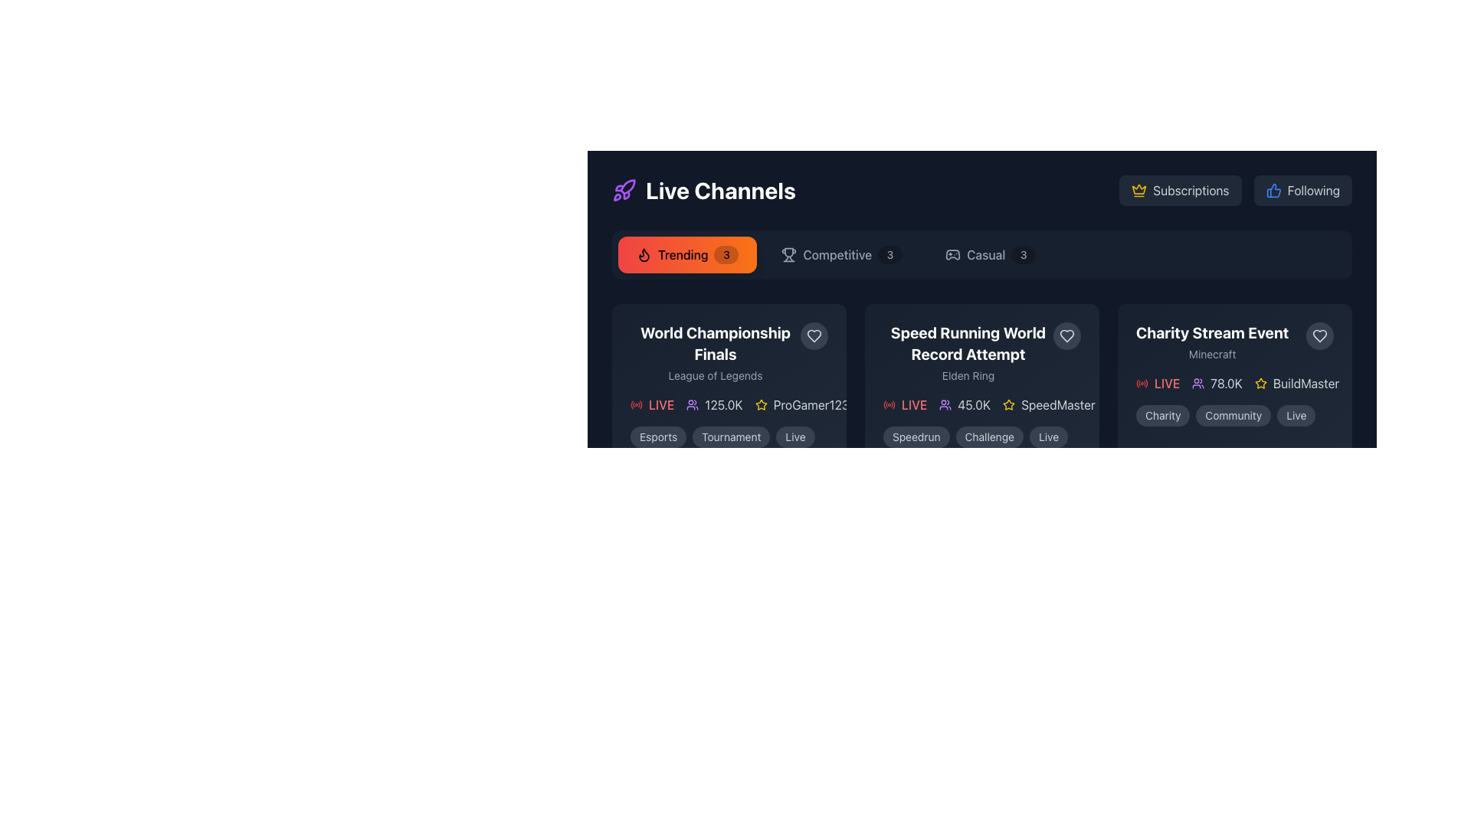  What do you see at coordinates (1047, 436) in the screenshot?
I see `the category tag indicator located at the bottom-right of the 'Speed Running World Record Attempt' card, which is the last element in a group of buttons labeled 'Speedrun', 'Challenge', and 'Live'` at bounding box center [1047, 436].